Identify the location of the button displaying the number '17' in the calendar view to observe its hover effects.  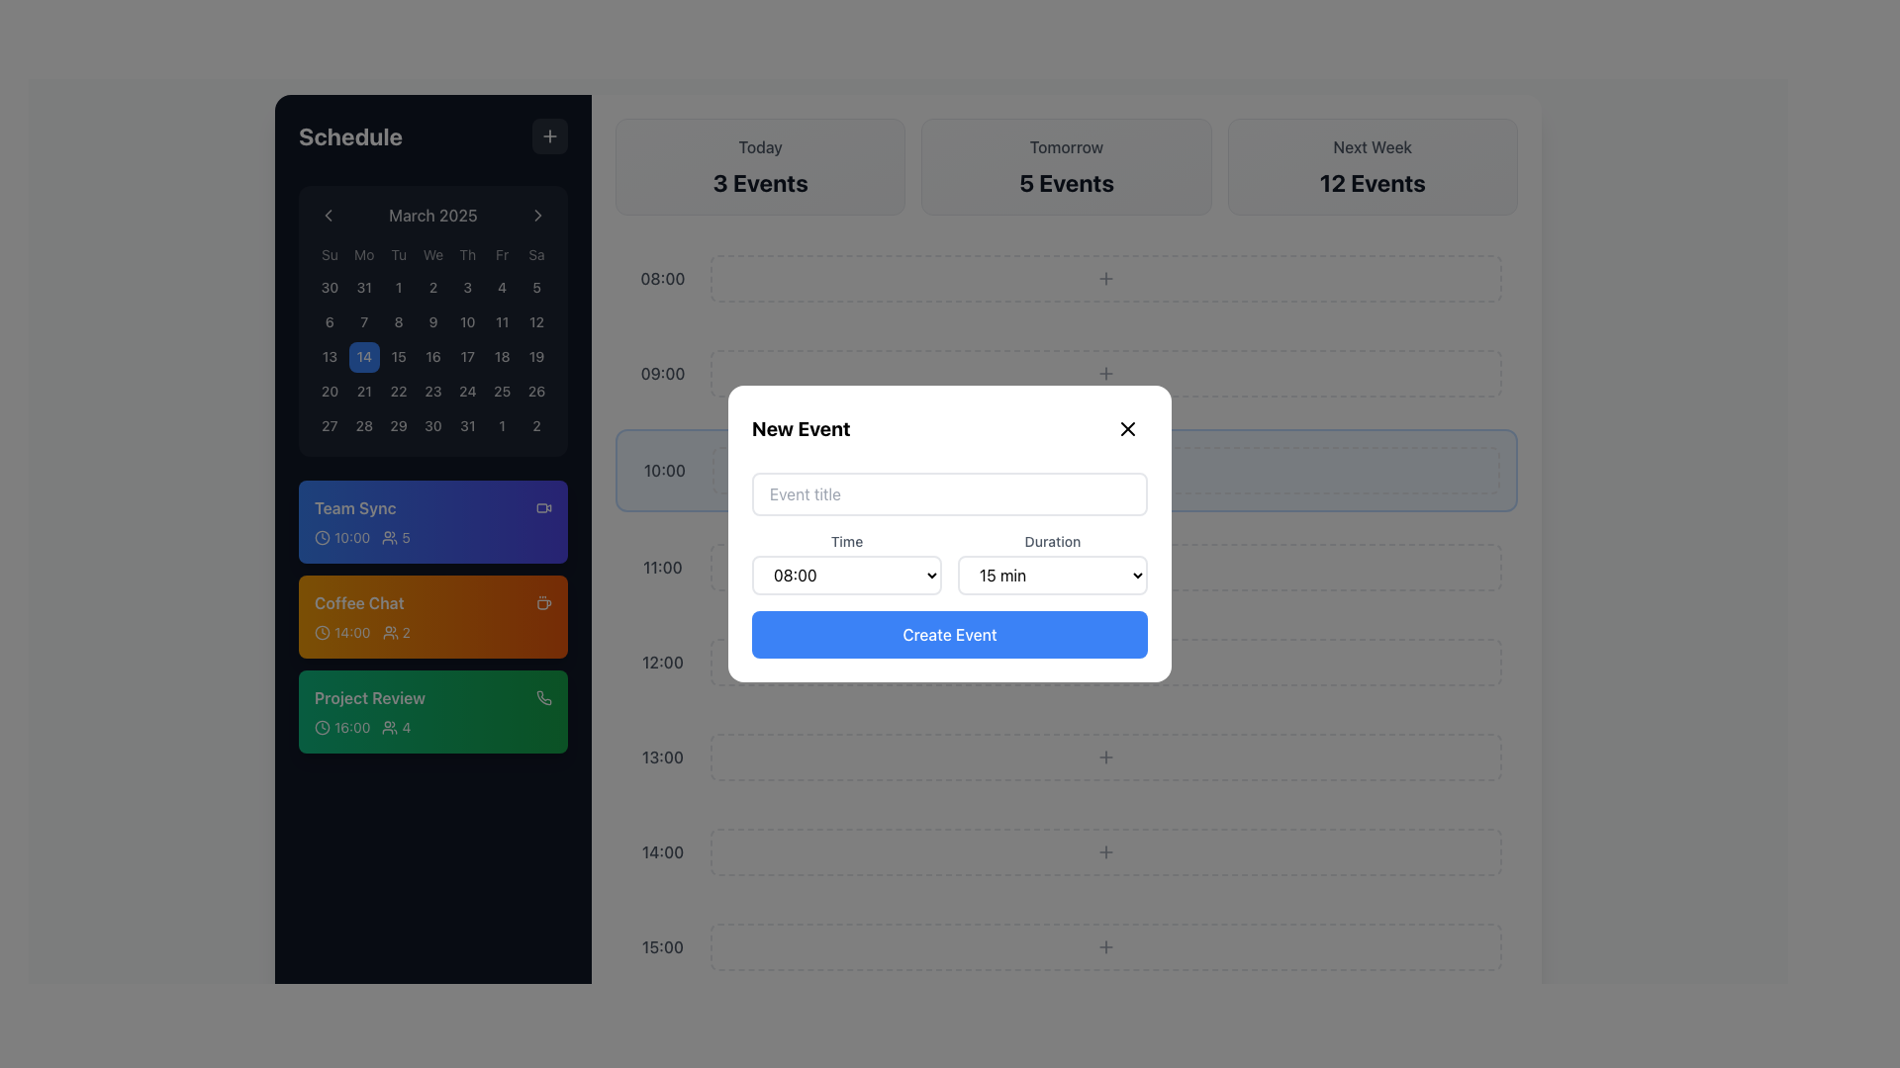
(466, 357).